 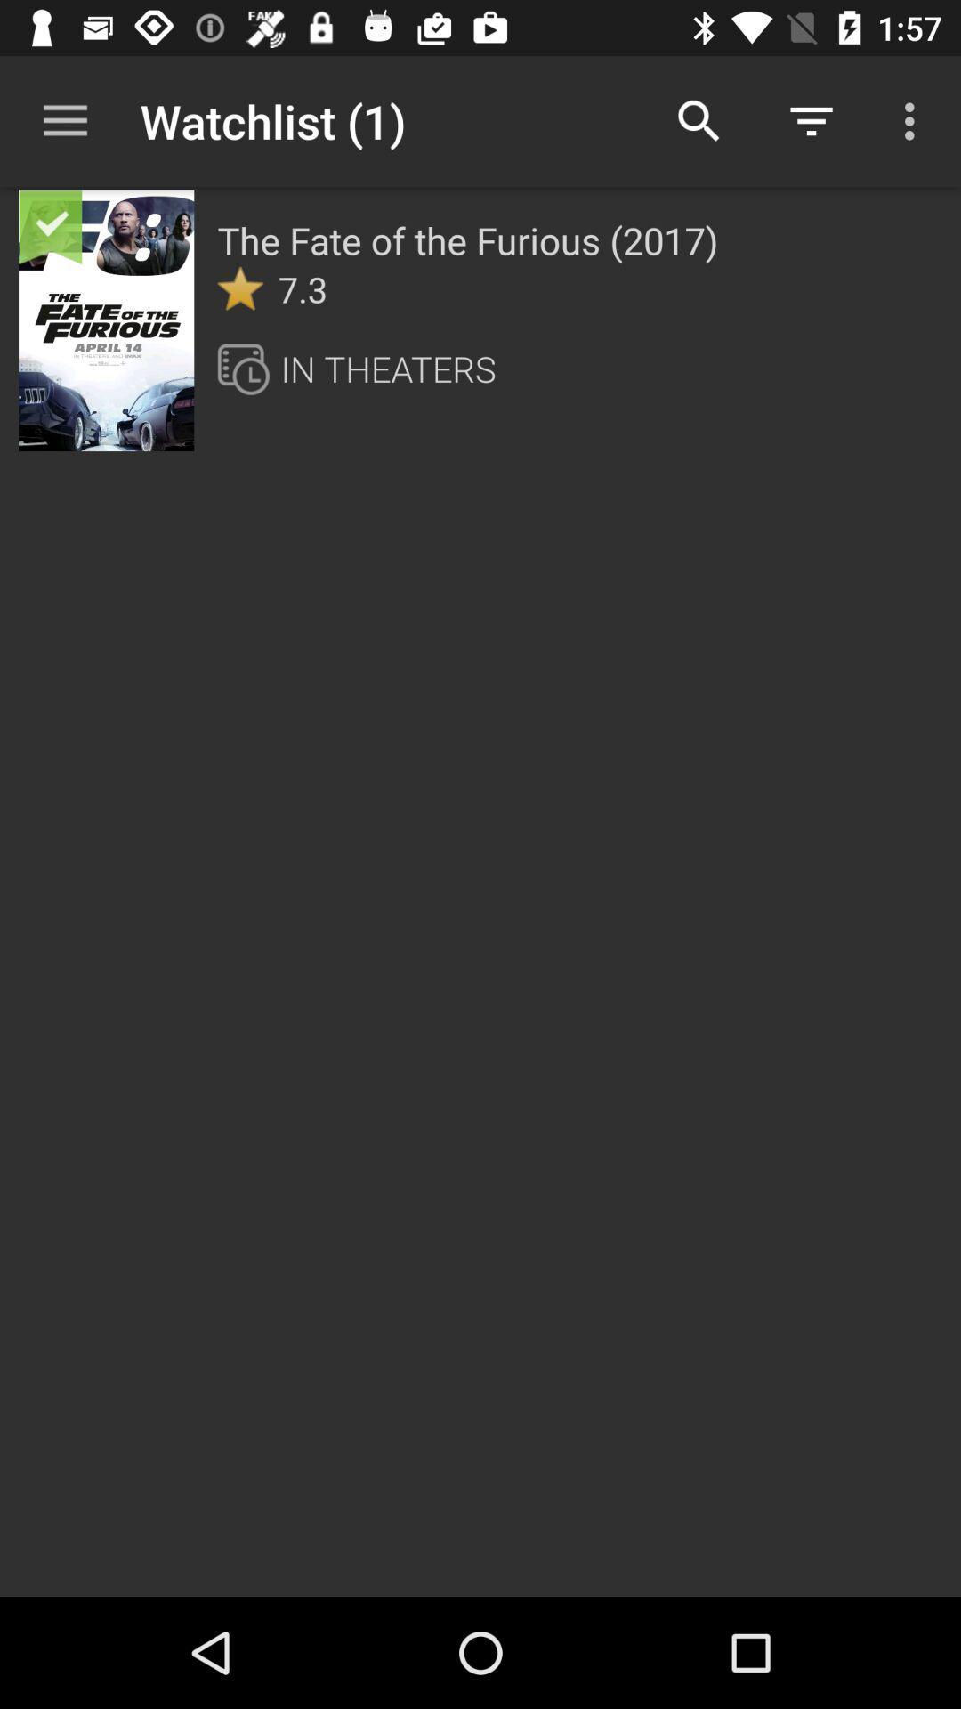 What do you see at coordinates (699, 120) in the screenshot?
I see `item next to watchlist (1) icon` at bounding box center [699, 120].